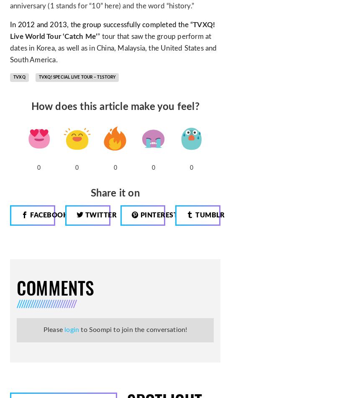  Describe the element at coordinates (113, 48) in the screenshot. I see `'” tour that saw the group perform at dates in Korea, as well as in China, Malaysia, the United States and South America.'` at that location.